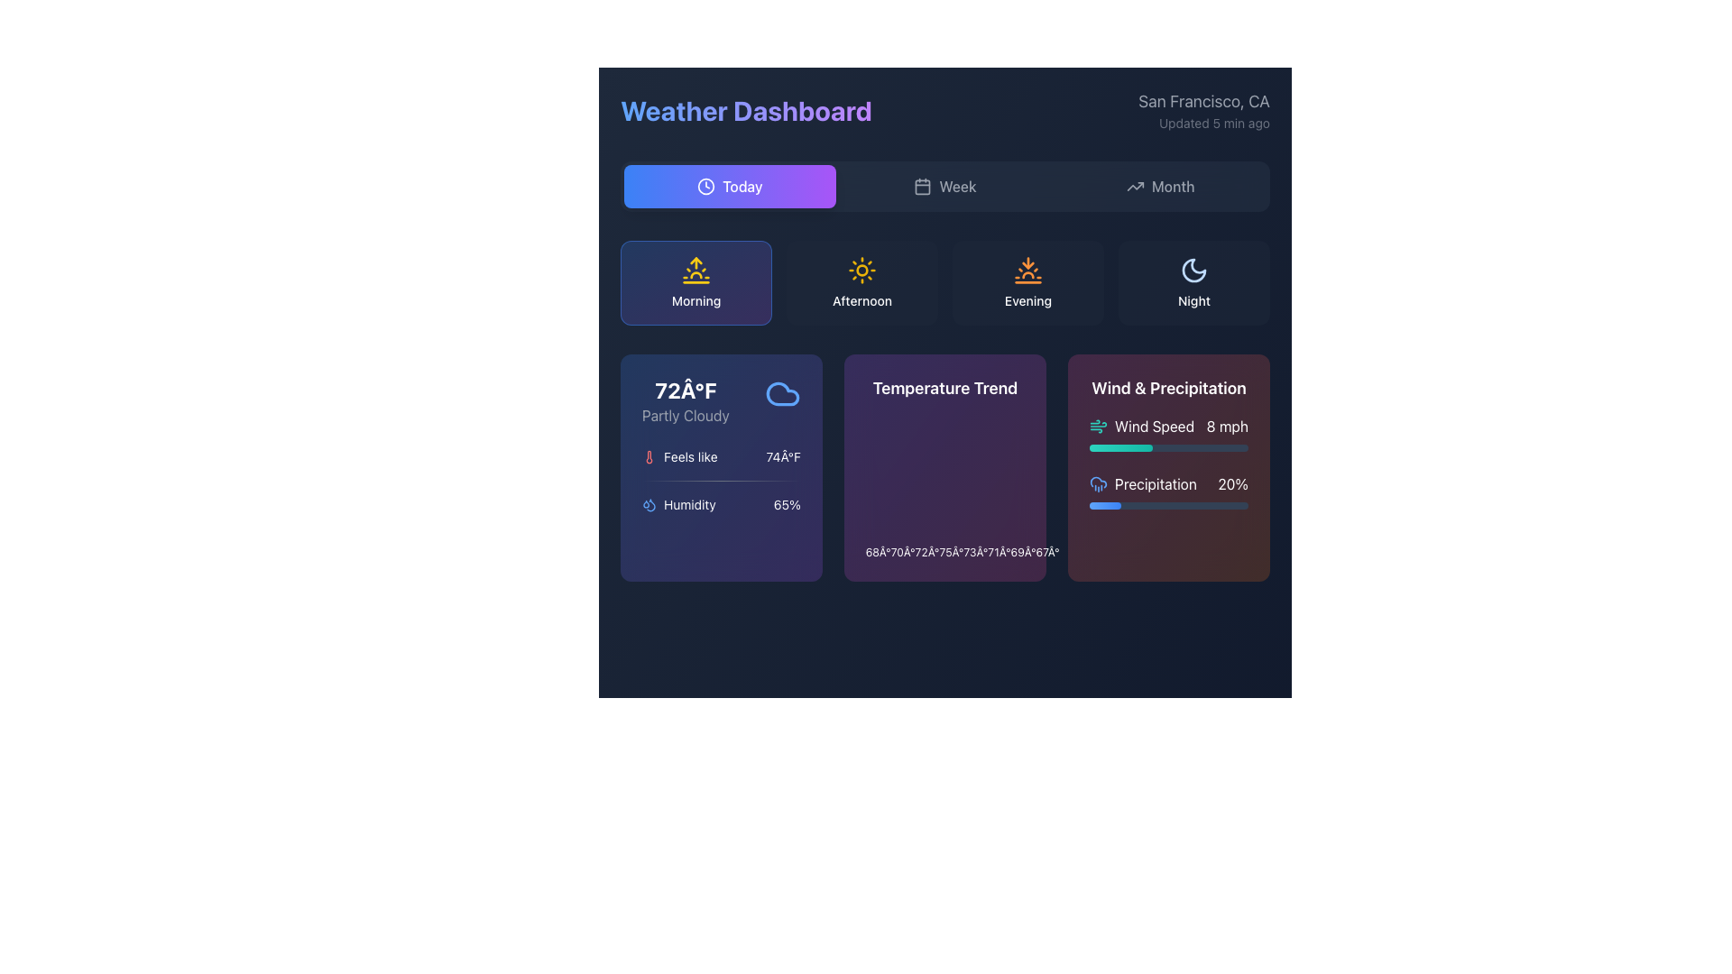 Image resolution: width=1732 pixels, height=974 pixels. I want to click on the progress bar located in the 'Wind & Precipitation' section, directly below the 'Wind Speed 8 mph' text, which has a dark background and a gradient fill indicating 40% progress, so click(1169, 447).